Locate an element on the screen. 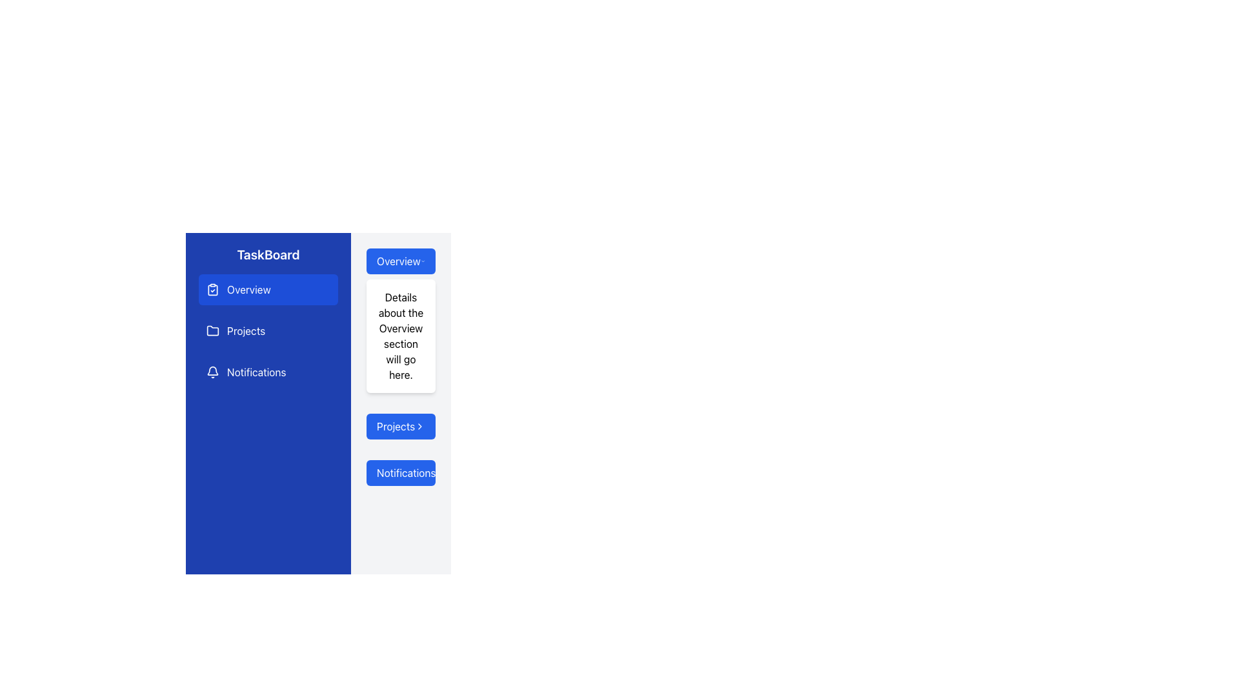 This screenshot has height=697, width=1239. the 'Notifications' button, which is the third item in the vertical menu list under the 'TaskBoard' heading, featuring a bell icon and a white label on a blue background is located at coordinates (268, 372).